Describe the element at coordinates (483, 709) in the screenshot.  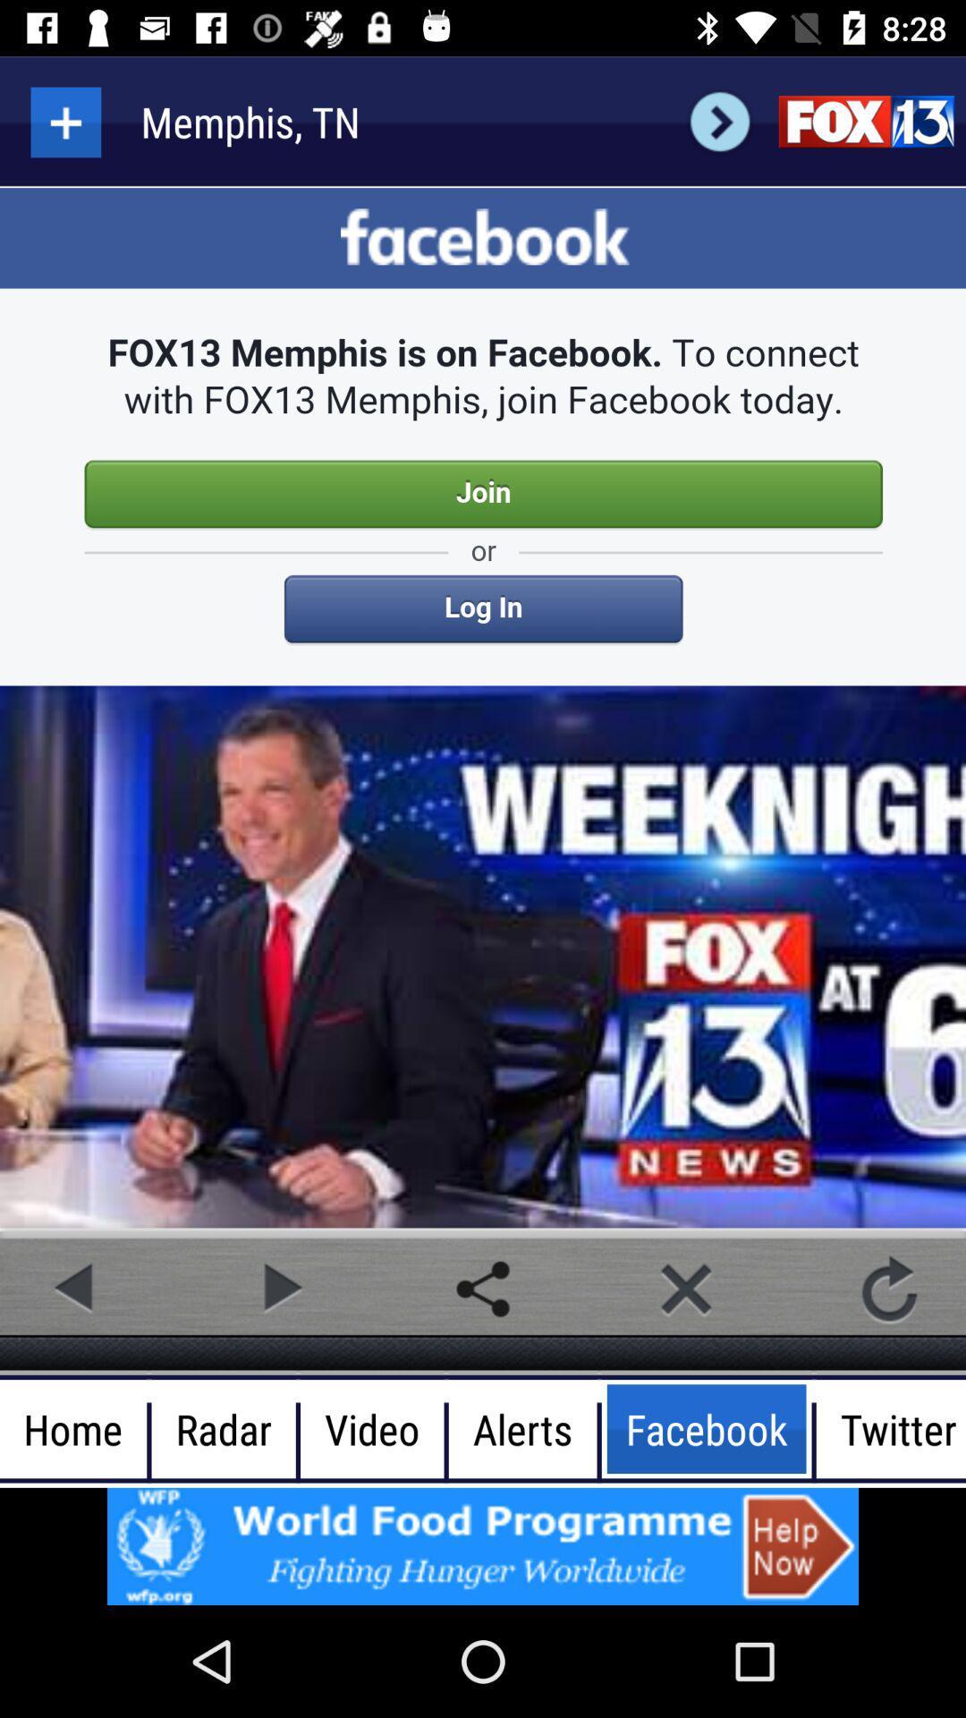
I see `facebook content` at that location.